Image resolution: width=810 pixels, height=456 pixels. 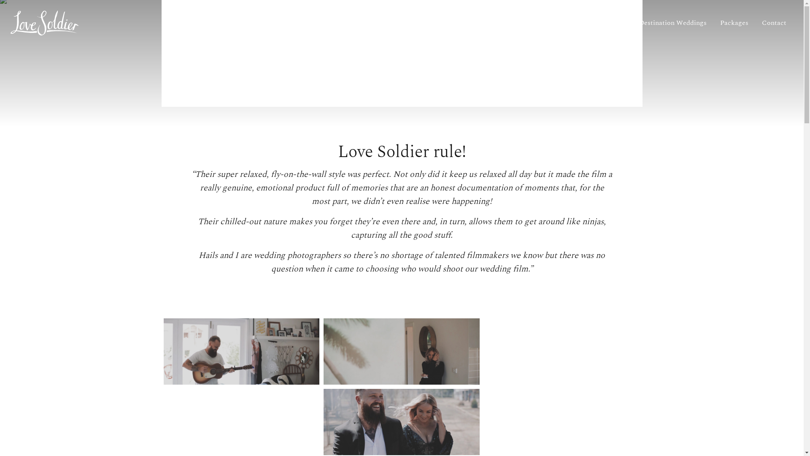 What do you see at coordinates (755, 22) in the screenshot?
I see `'Contact'` at bounding box center [755, 22].